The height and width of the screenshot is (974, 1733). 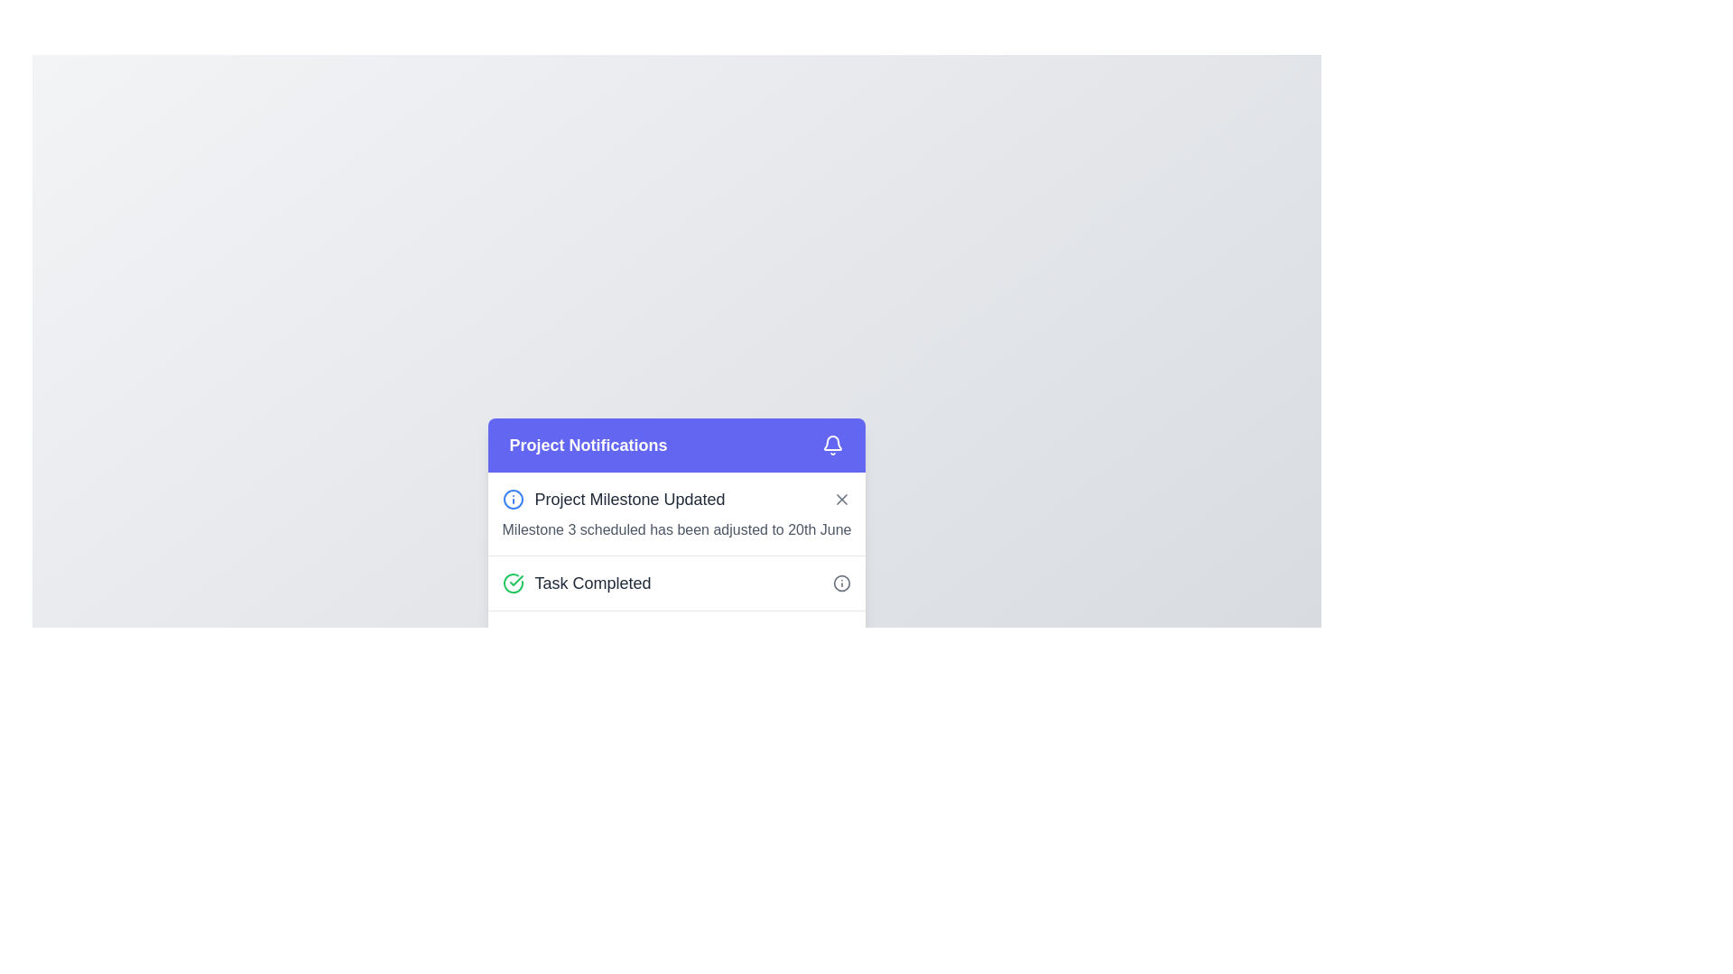 What do you see at coordinates (832, 445) in the screenshot?
I see `the notification icon located in the header section of the notification panel at the top right corner` at bounding box center [832, 445].